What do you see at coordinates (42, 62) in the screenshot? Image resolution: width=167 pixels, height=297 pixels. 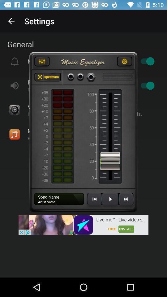 I see `equalizer sliders` at bounding box center [42, 62].